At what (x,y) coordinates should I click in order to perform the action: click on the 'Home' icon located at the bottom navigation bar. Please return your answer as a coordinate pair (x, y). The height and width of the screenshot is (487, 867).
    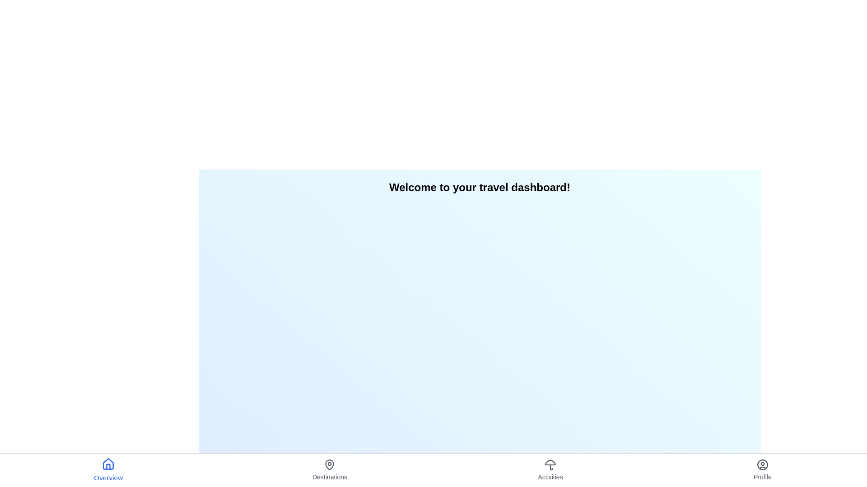
    Looking at the image, I should click on (108, 464).